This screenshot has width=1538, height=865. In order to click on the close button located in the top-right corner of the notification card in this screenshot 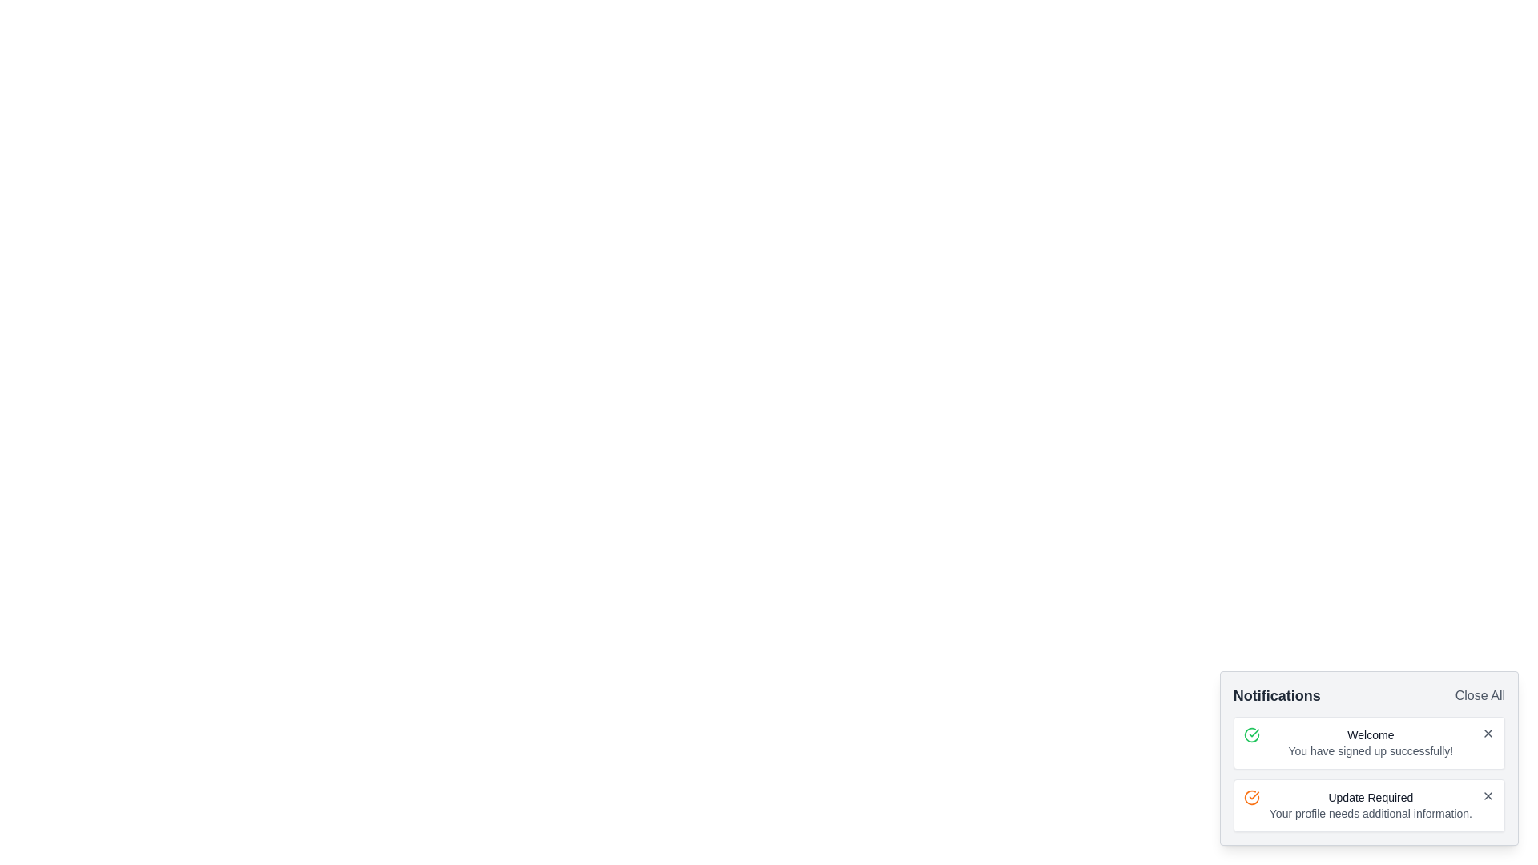, I will do `click(1487, 796)`.